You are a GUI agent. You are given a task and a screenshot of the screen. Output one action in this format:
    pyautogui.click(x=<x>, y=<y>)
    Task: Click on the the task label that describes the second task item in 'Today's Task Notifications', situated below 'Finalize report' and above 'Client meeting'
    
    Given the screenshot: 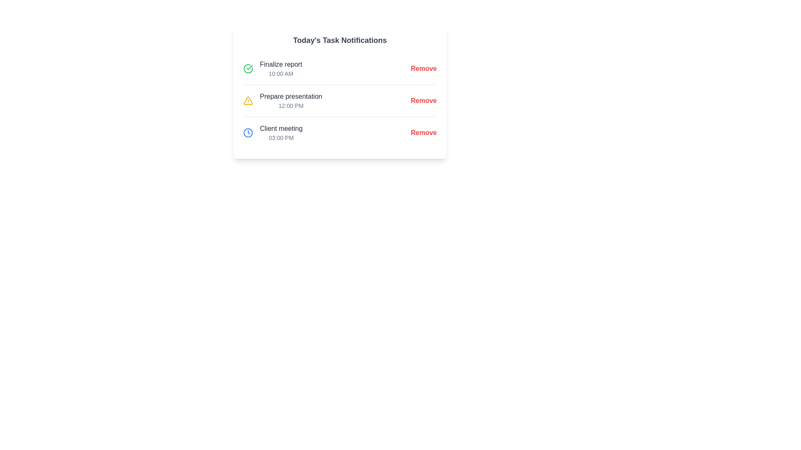 What is the action you would take?
    pyautogui.click(x=291, y=96)
    